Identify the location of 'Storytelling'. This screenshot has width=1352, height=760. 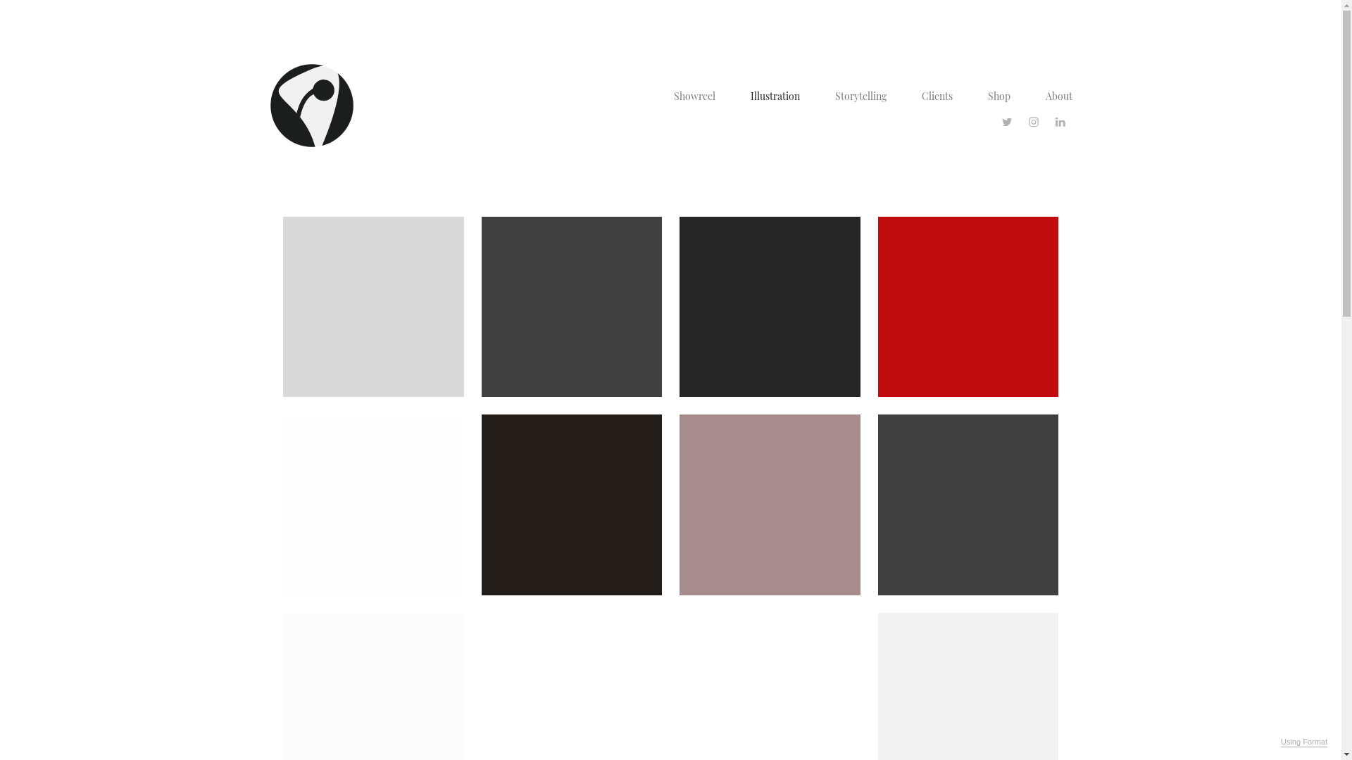
(860, 95).